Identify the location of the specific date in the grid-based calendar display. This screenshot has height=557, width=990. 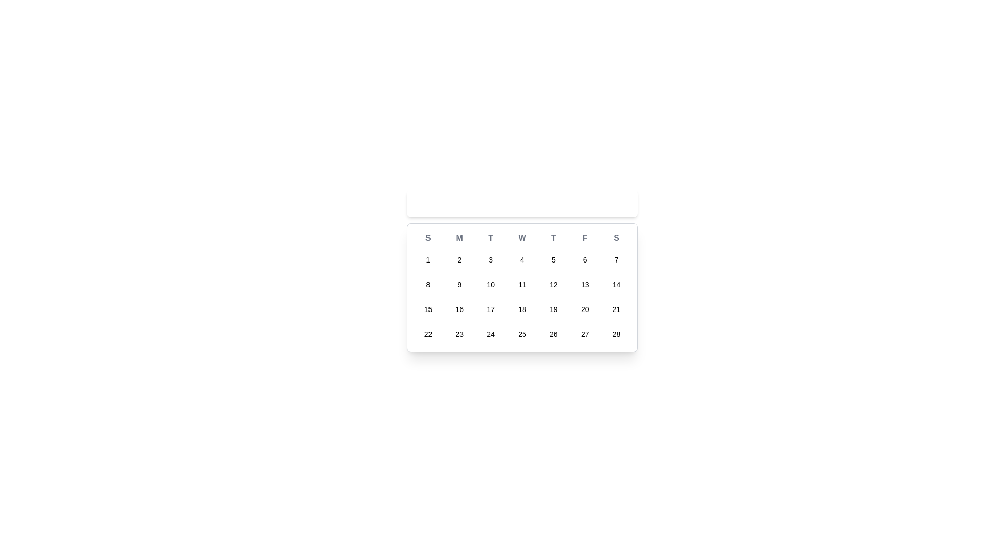
(522, 288).